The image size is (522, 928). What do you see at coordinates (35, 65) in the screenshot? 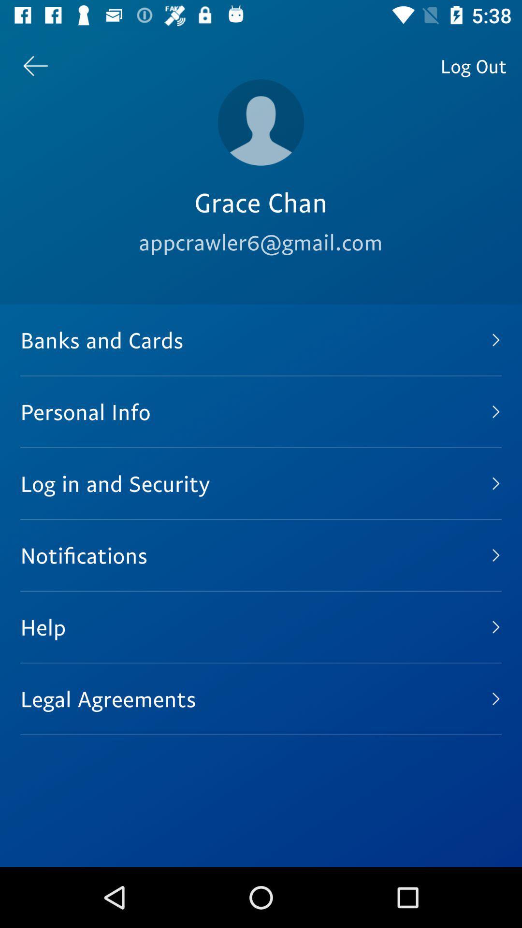
I see `icon at the top left corner` at bounding box center [35, 65].